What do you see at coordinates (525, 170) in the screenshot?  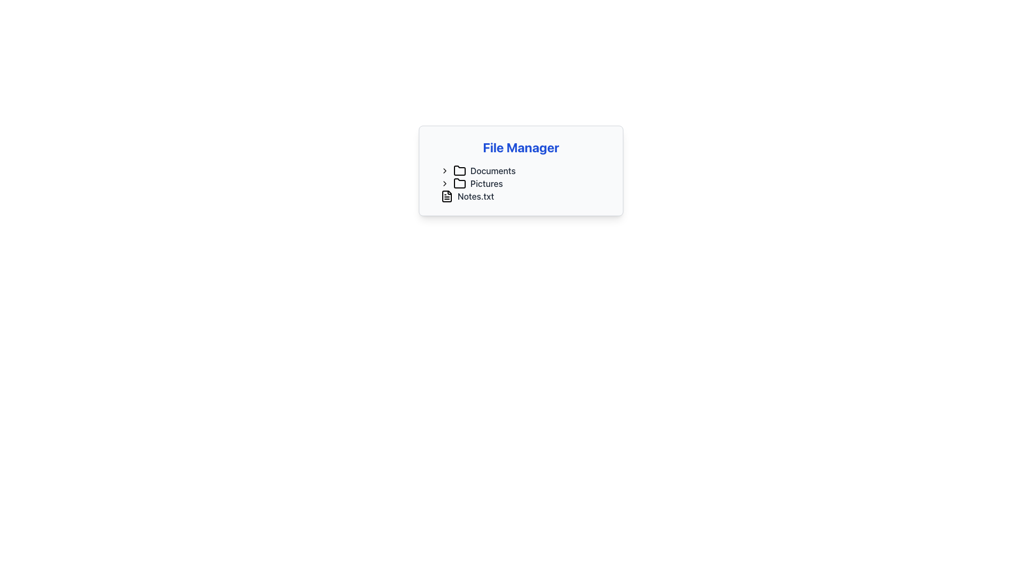 I see `the 'Documents' folder item` at bounding box center [525, 170].